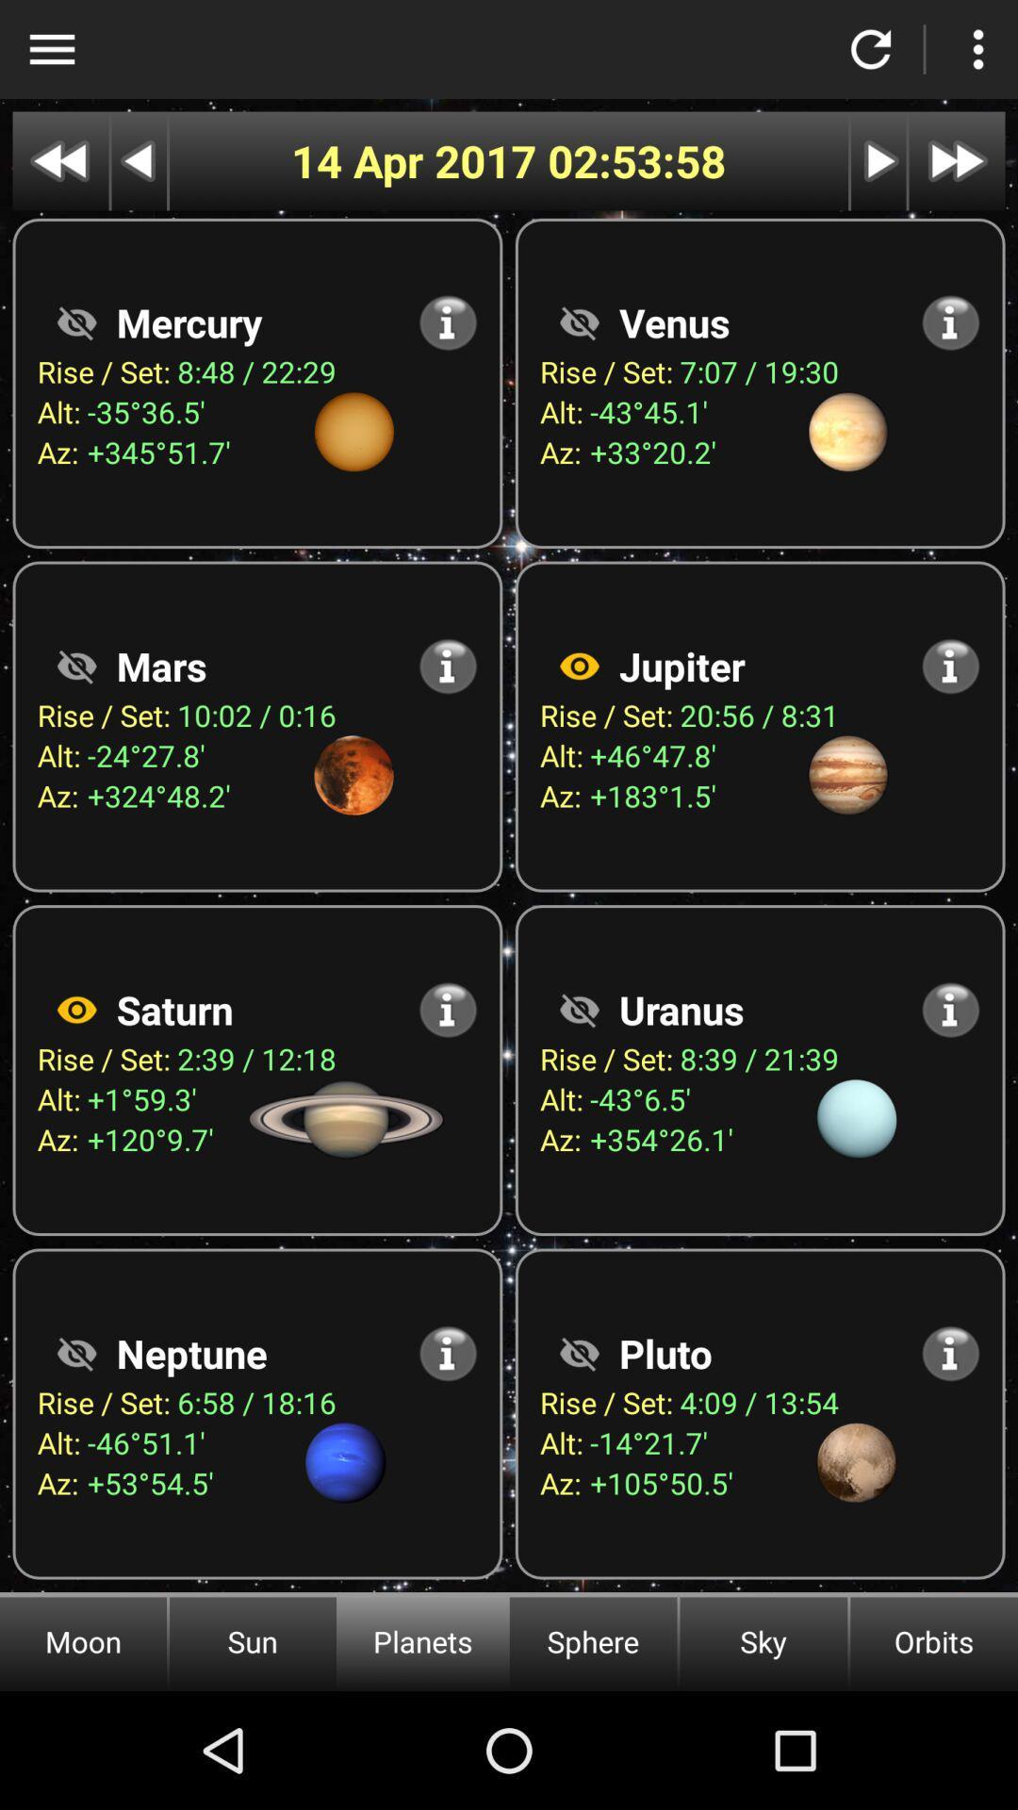 This screenshot has width=1018, height=1810. I want to click on more information, so click(950, 1009).